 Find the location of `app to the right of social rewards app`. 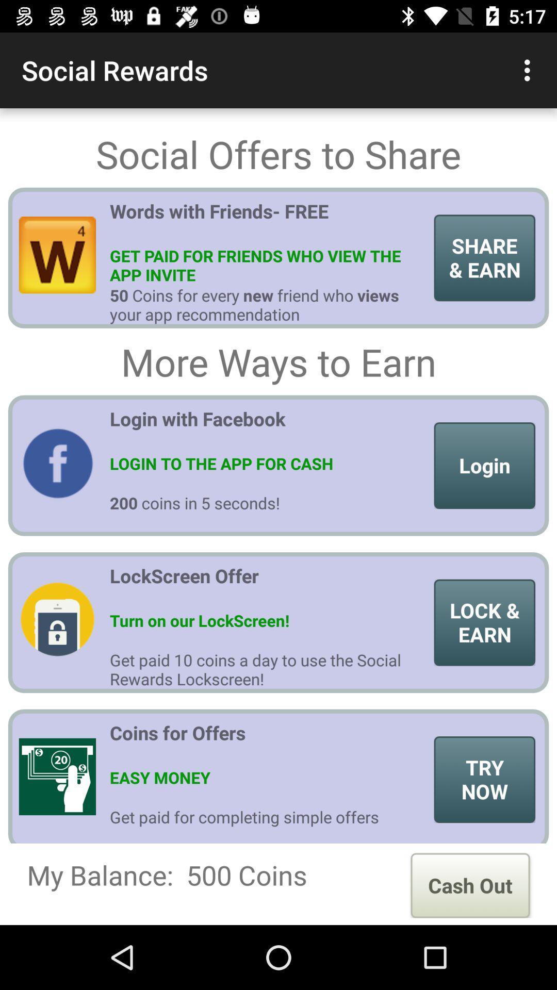

app to the right of social rewards app is located at coordinates (530, 70).